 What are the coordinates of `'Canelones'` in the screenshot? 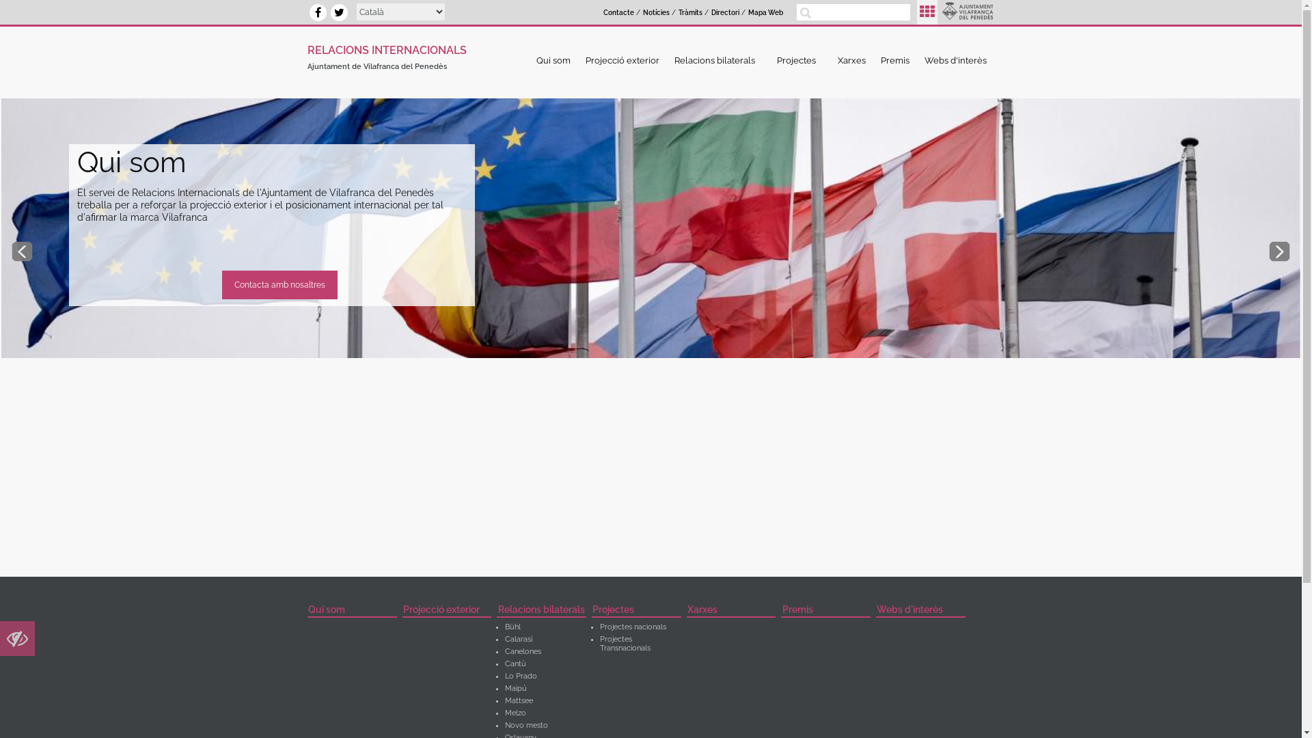 It's located at (522, 651).